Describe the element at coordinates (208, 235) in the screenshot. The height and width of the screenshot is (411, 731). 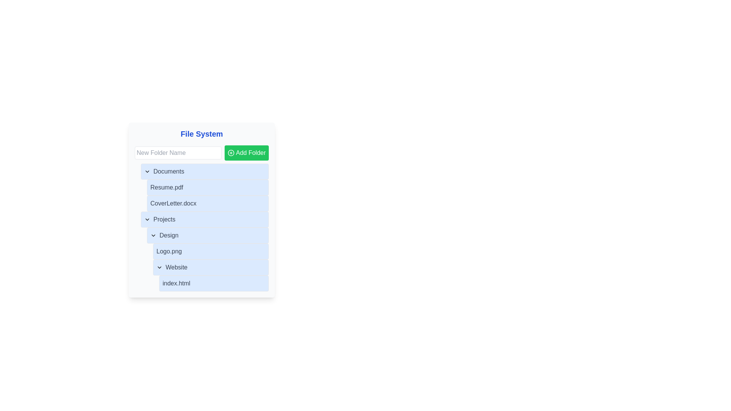
I see `the 'Design' button located in the 'Projects' section to potentially reveal more details` at that location.